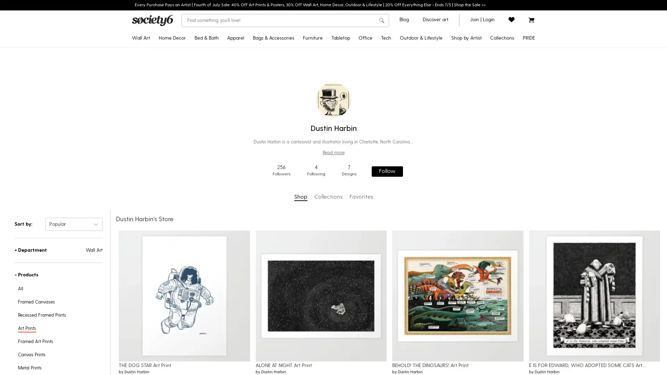 This screenshot has height=375, width=667. I want to click on Discover Black Artists, so click(447, 89).